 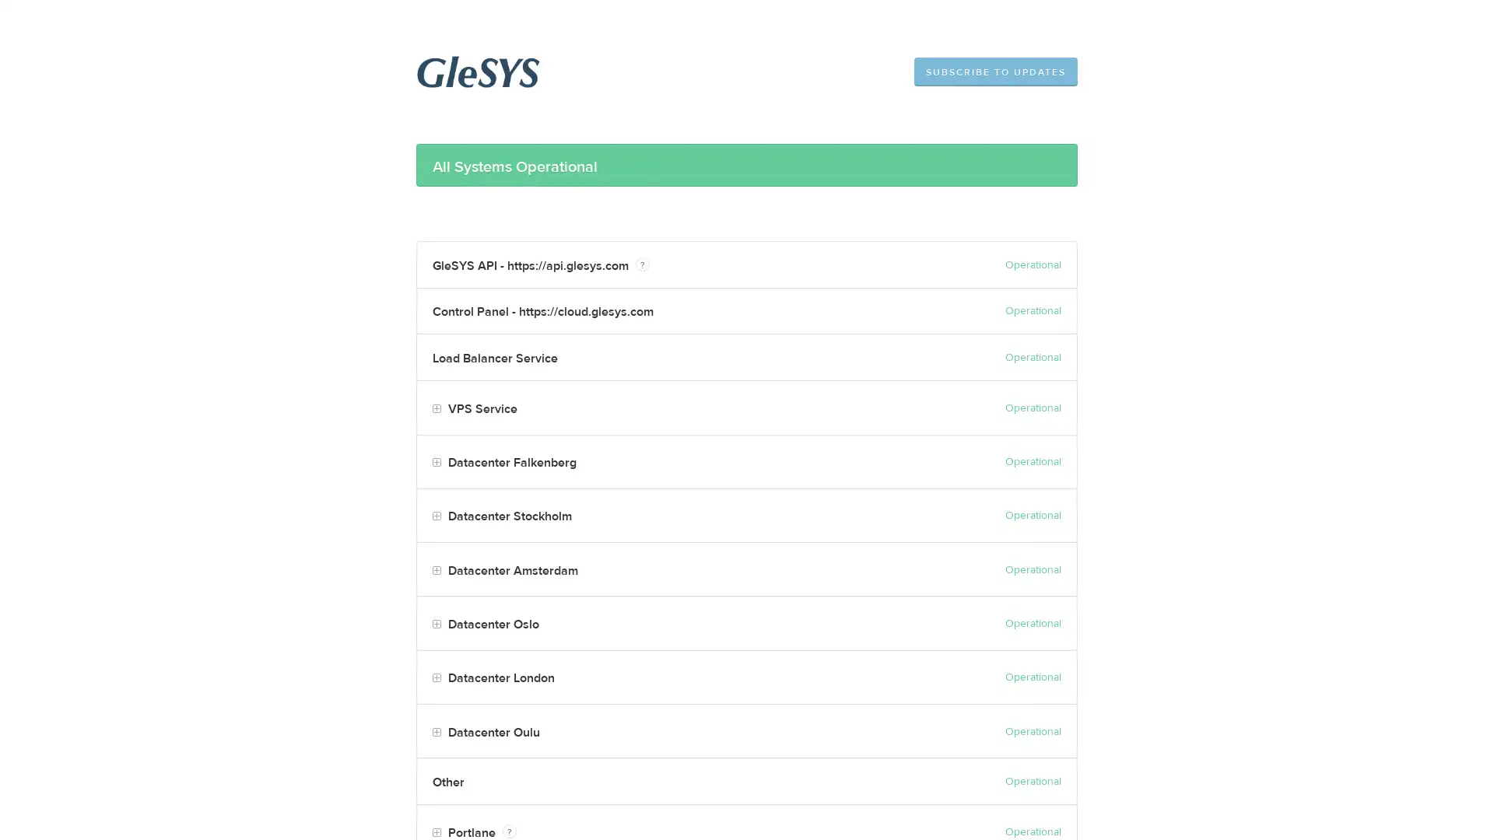 I want to click on Toggle Datacenter Falkenberg, so click(x=436, y=462).